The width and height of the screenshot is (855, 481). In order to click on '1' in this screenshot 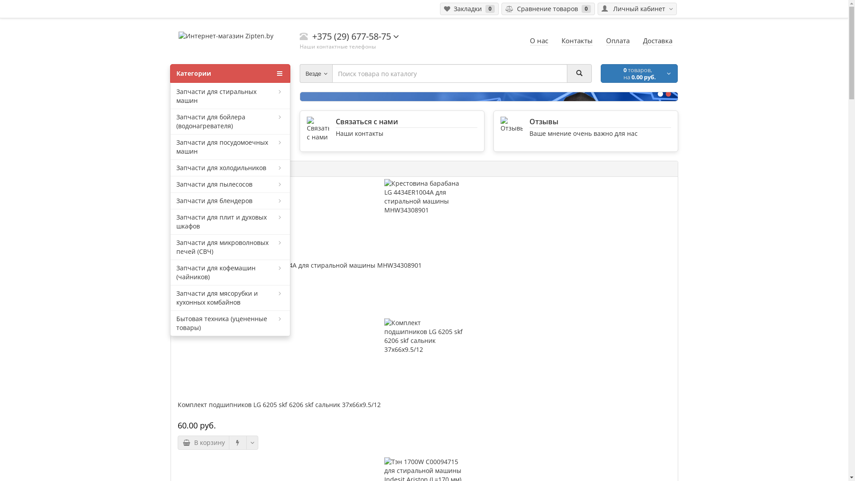, I will do `click(660, 94)`.